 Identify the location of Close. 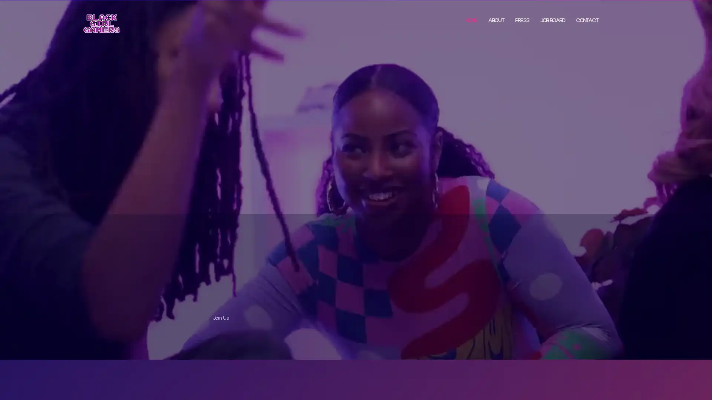
(703, 388).